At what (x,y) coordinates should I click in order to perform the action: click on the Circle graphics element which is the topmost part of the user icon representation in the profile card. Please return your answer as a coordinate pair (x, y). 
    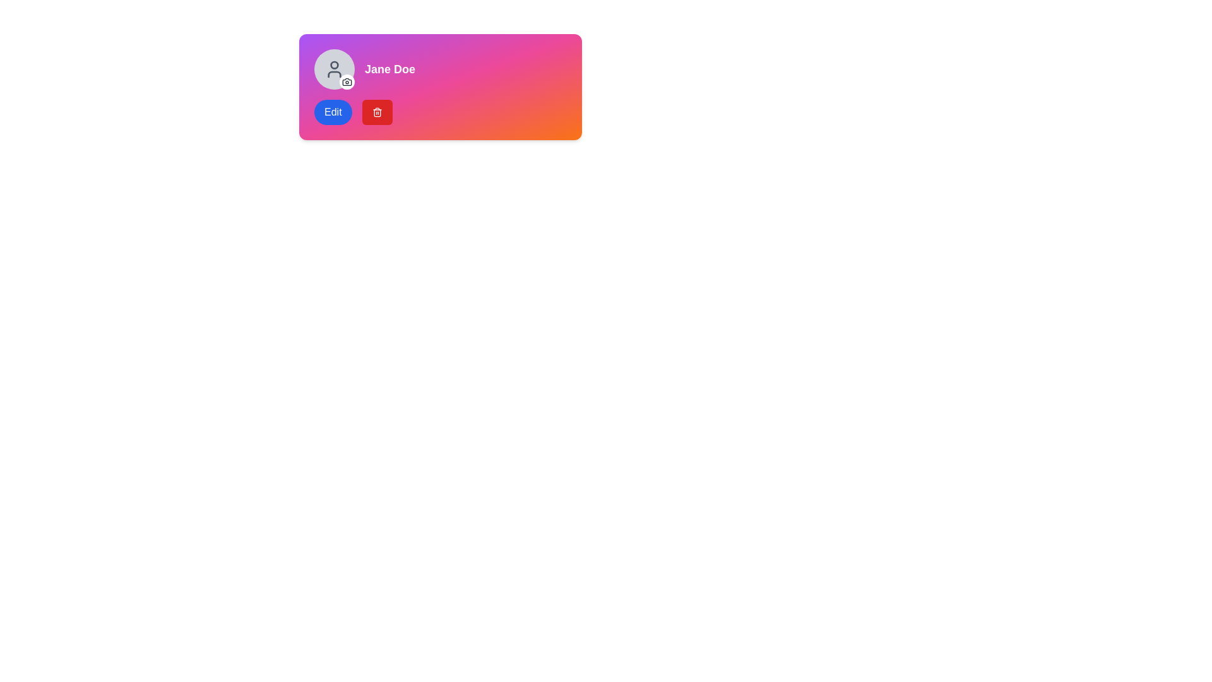
    Looking at the image, I should click on (334, 65).